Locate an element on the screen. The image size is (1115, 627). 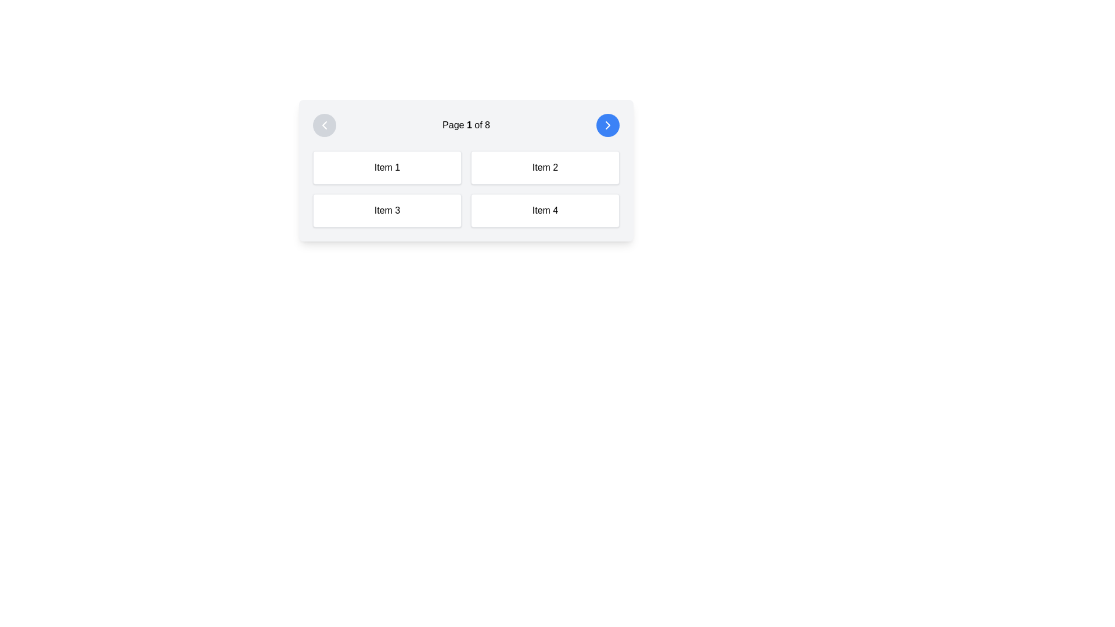
the text label displaying 'Page 1 of 8', which shows the current page status within the pagination control is located at coordinates (466, 125).